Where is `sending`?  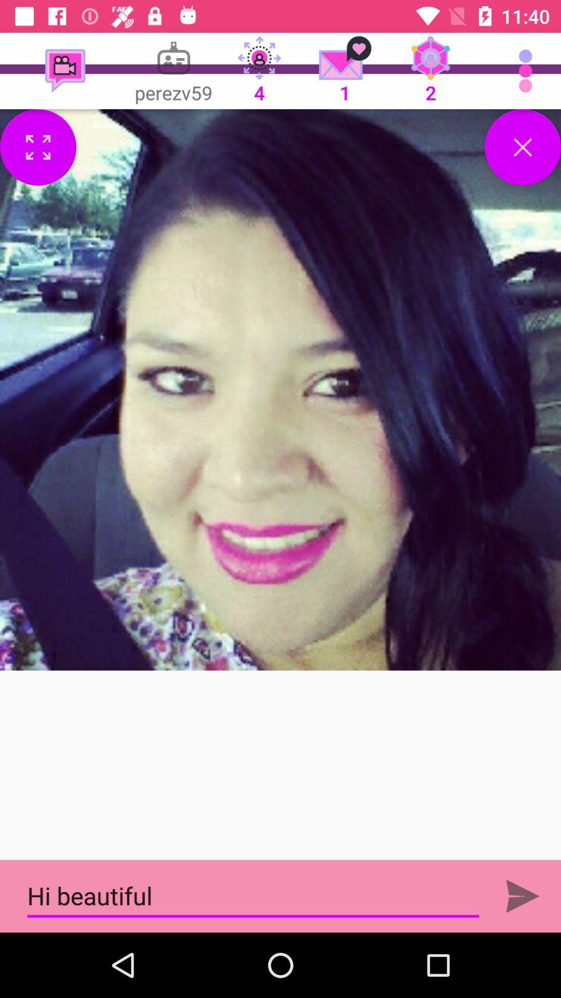
sending is located at coordinates (523, 896).